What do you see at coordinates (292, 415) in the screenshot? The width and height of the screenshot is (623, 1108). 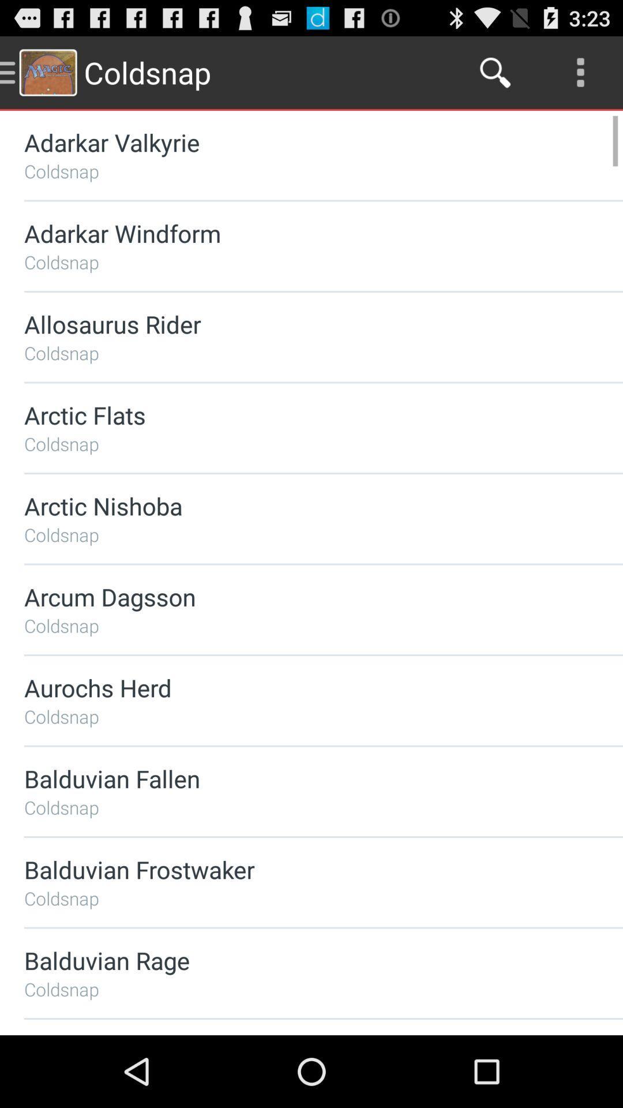 I see `item above the coldsnap item` at bounding box center [292, 415].